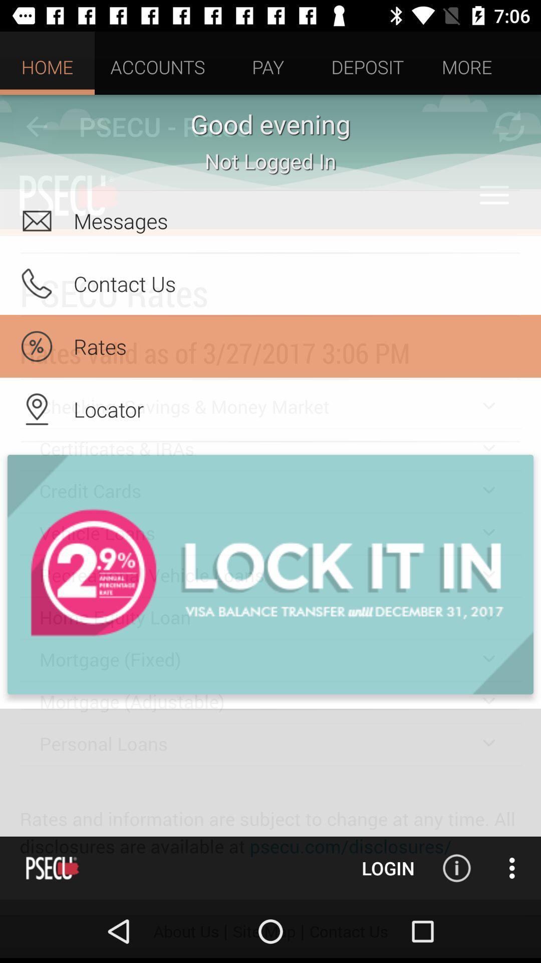 The image size is (541, 963). Describe the element at coordinates (36, 220) in the screenshot. I see `icon beside messages` at that location.